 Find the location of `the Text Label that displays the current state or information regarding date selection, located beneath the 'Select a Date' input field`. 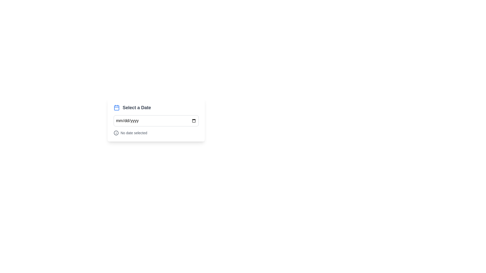

the Text Label that displays the current state or information regarding date selection, located beneath the 'Select a Date' input field is located at coordinates (134, 132).